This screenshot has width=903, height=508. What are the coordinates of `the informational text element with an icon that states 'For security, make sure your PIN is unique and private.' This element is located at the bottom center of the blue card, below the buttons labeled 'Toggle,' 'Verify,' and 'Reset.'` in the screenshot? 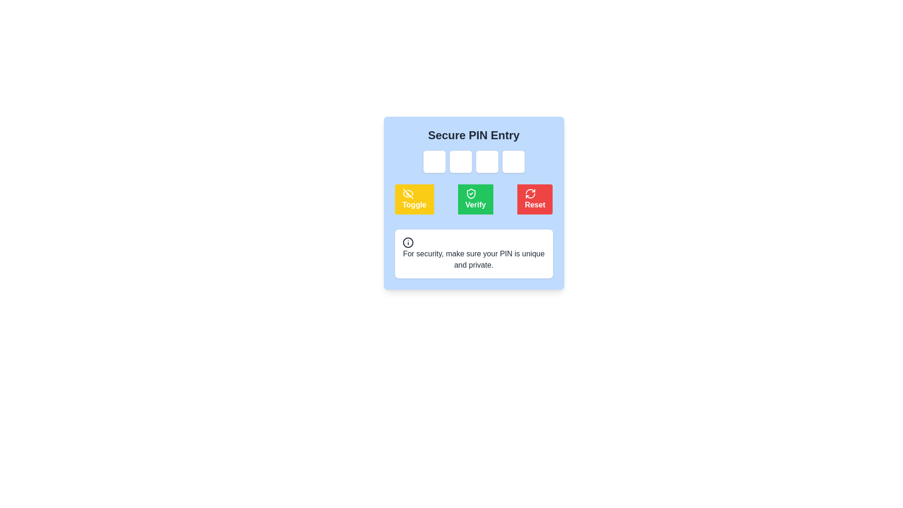 It's located at (474, 254).